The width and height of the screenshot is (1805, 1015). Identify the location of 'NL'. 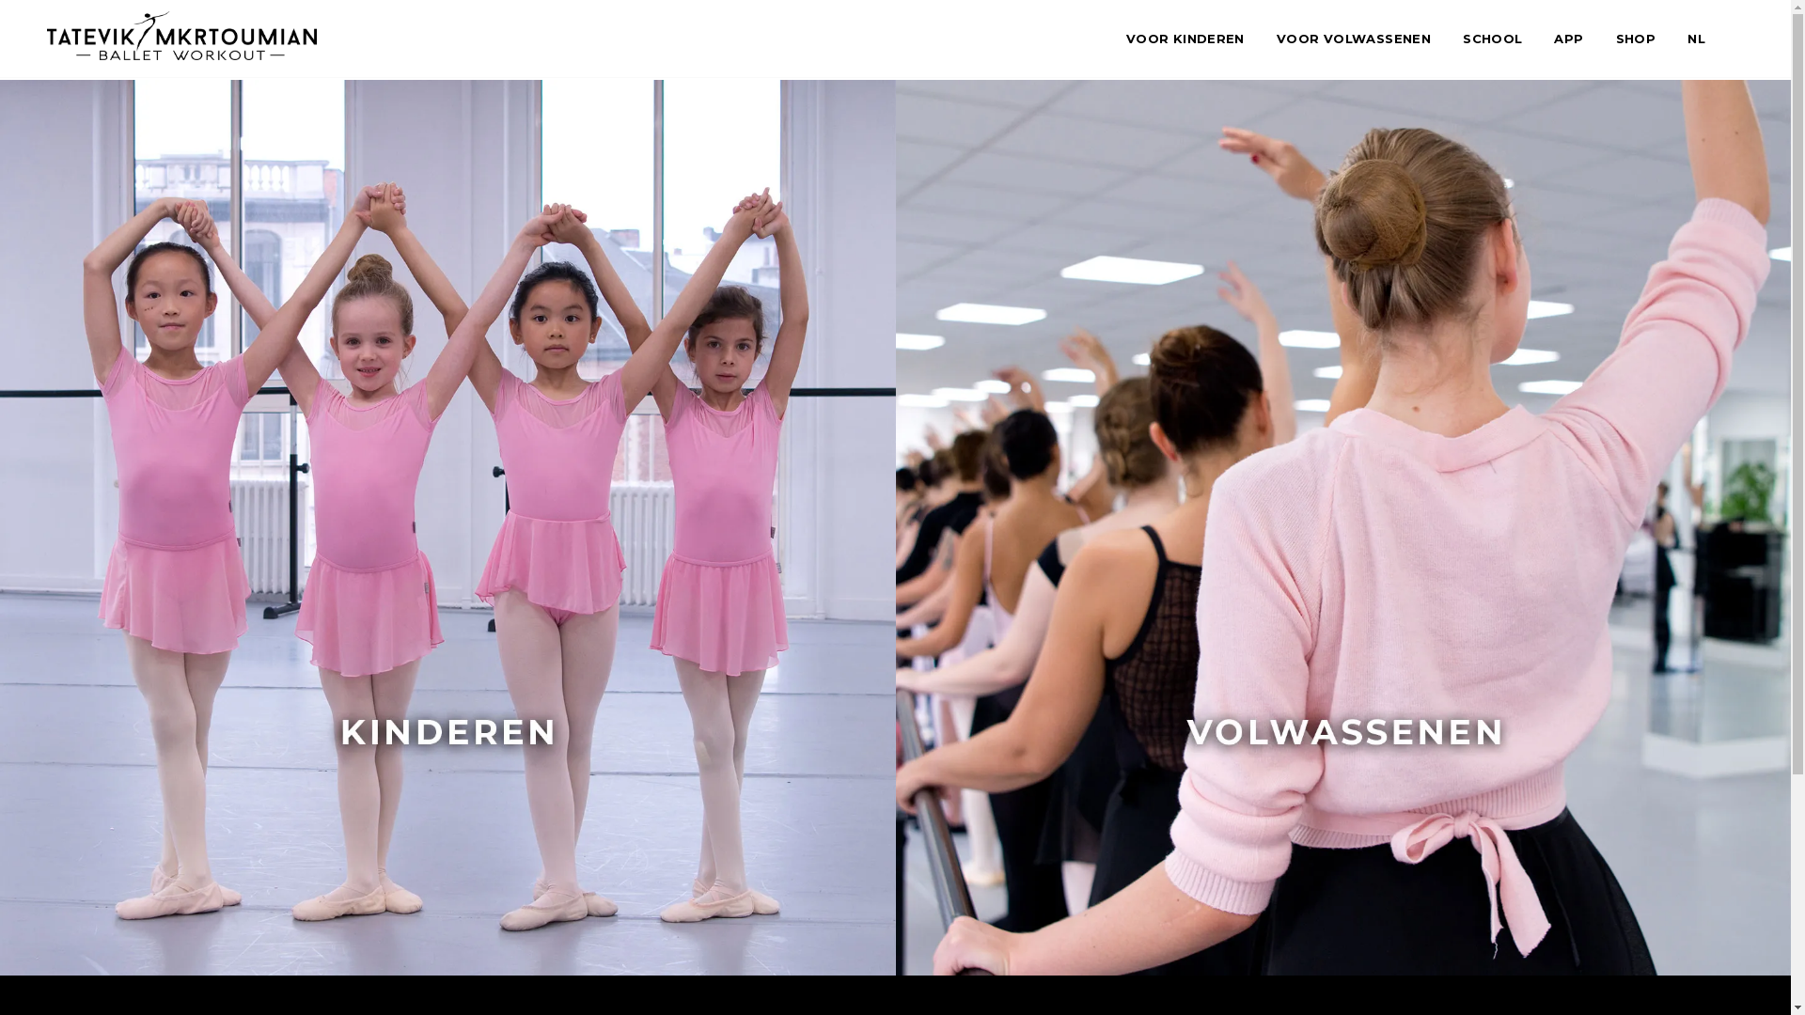
(1696, 39).